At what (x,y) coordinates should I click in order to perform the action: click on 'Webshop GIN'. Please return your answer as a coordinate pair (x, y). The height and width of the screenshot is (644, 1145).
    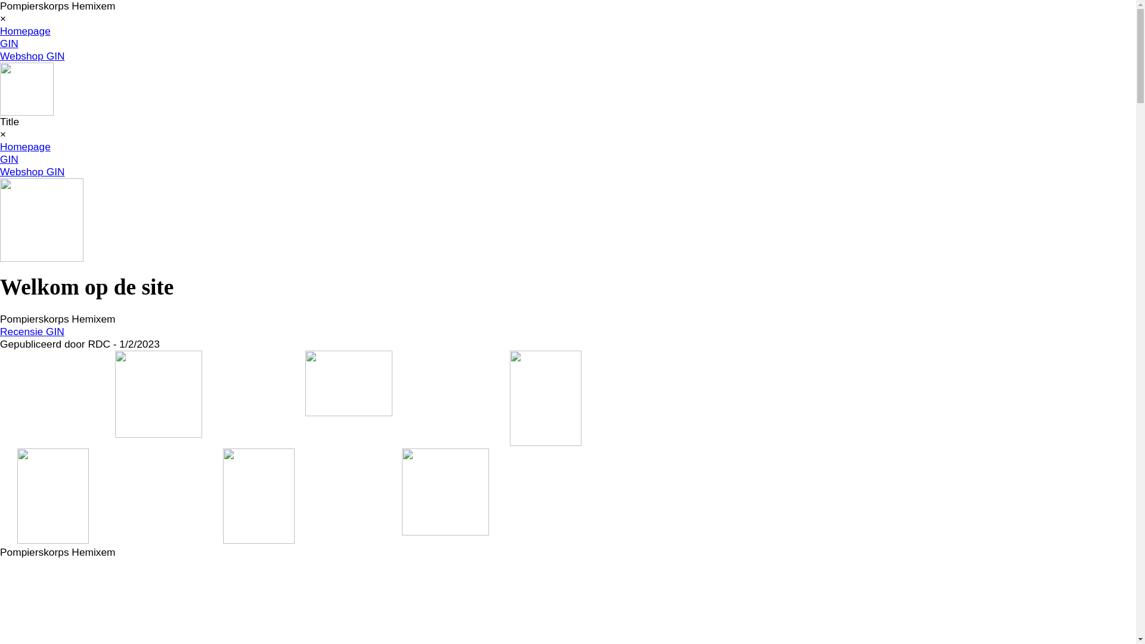
    Looking at the image, I should click on (32, 172).